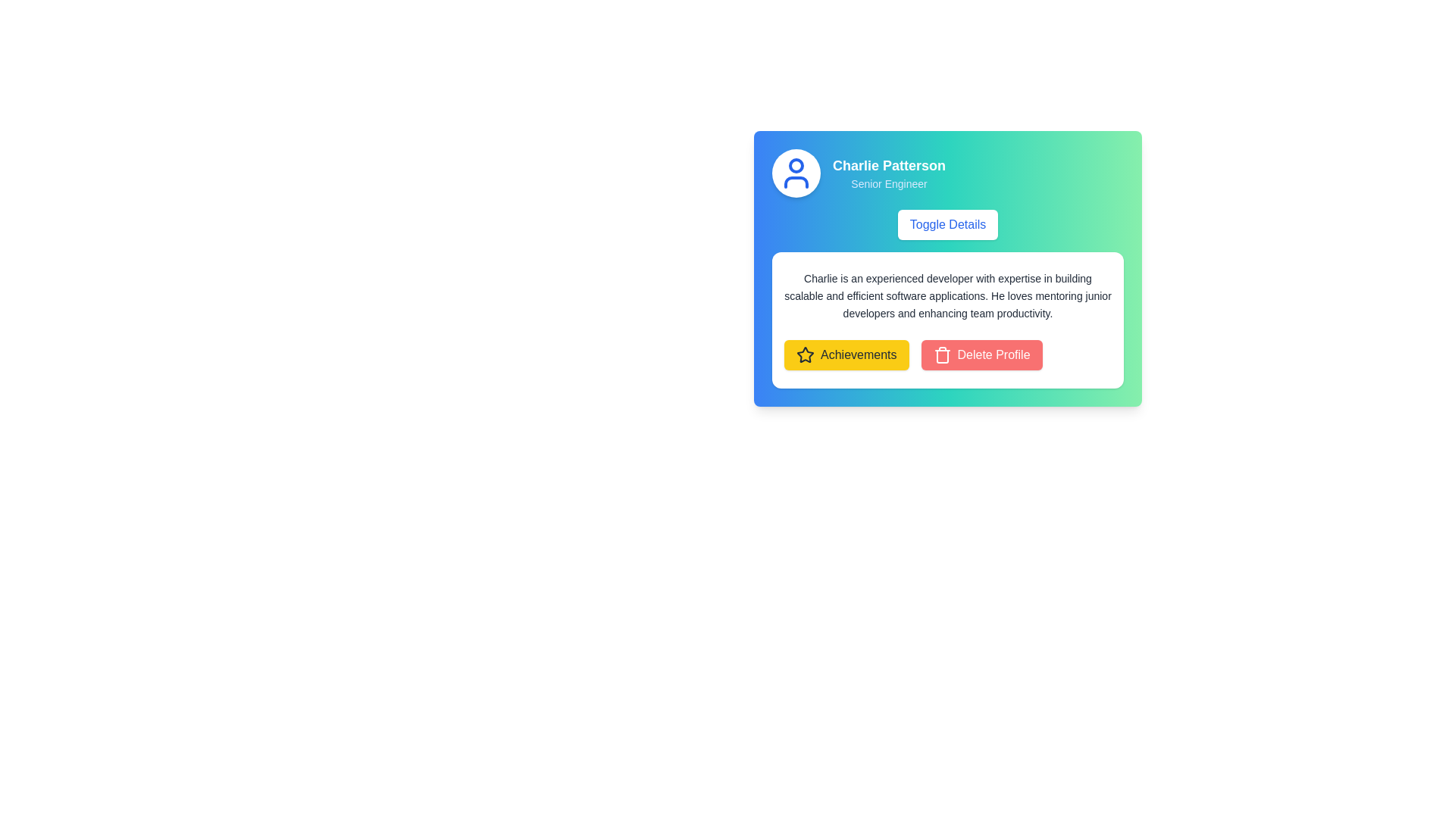 The width and height of the screenshot is (1455, 818). I want to click on the action button text that initiates the deletion of the user's profile, located to the right of the yellow 'Achievements' button in the lower-right region of the profile details card, so click(993, 355).